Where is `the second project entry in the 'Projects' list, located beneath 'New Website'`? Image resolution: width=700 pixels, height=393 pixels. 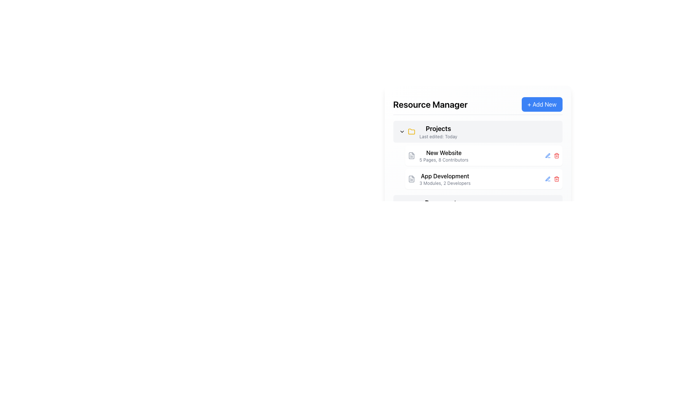
the second project entry in the 'Projects' list, located beneath 'New Website' is located at coordinates (444, 179).